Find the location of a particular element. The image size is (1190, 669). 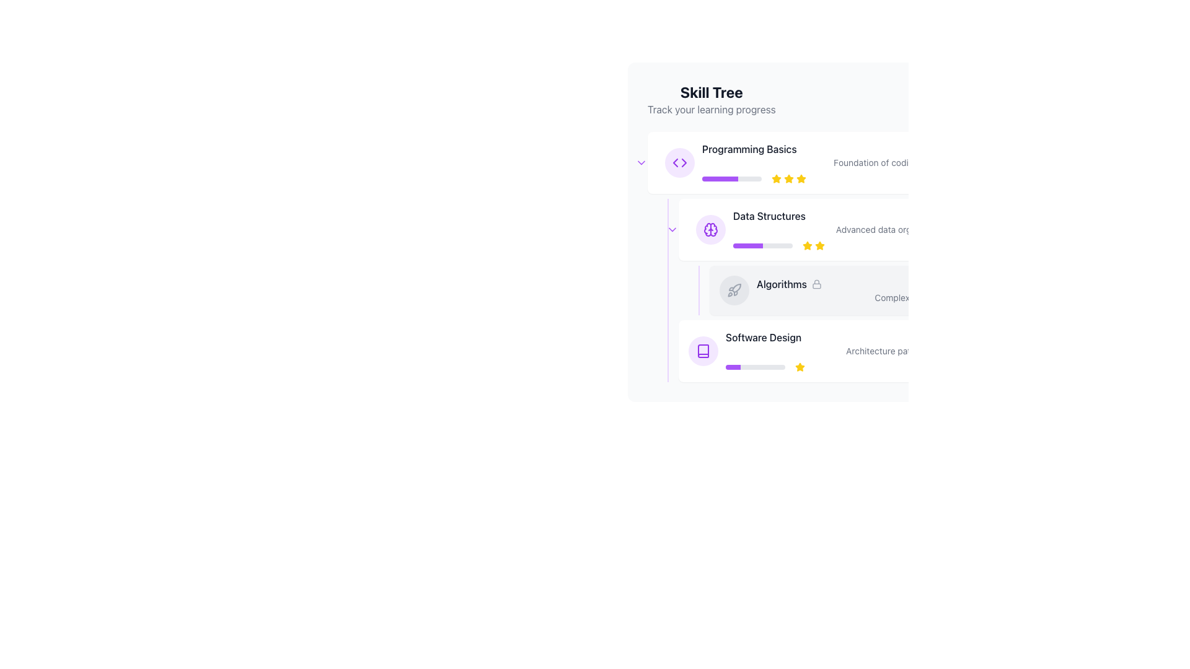

the small rightward-pointing arrow SVG graphic component located within the circular button of the left-pointing control toggle next is located at coordinates (684, 162).